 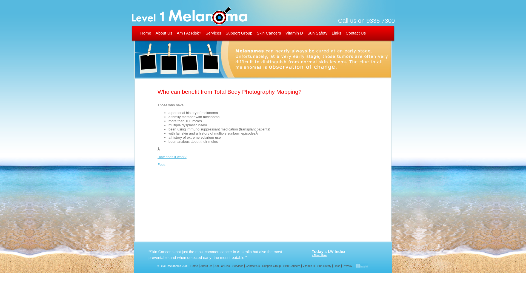 What do you see at coordinates (294, 33) in the screenshot?
I see `'Vitamin D'` at bounding box center [294, 33].